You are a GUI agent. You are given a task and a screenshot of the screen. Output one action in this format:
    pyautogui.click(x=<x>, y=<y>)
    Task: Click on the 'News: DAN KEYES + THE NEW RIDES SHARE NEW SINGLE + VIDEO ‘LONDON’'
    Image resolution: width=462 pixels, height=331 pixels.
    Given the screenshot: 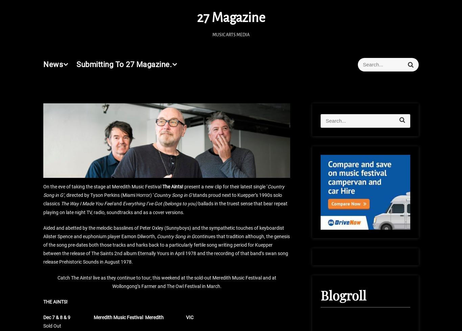 What is the action you would take?
    pyautogui.click(x=372, y=227)
    